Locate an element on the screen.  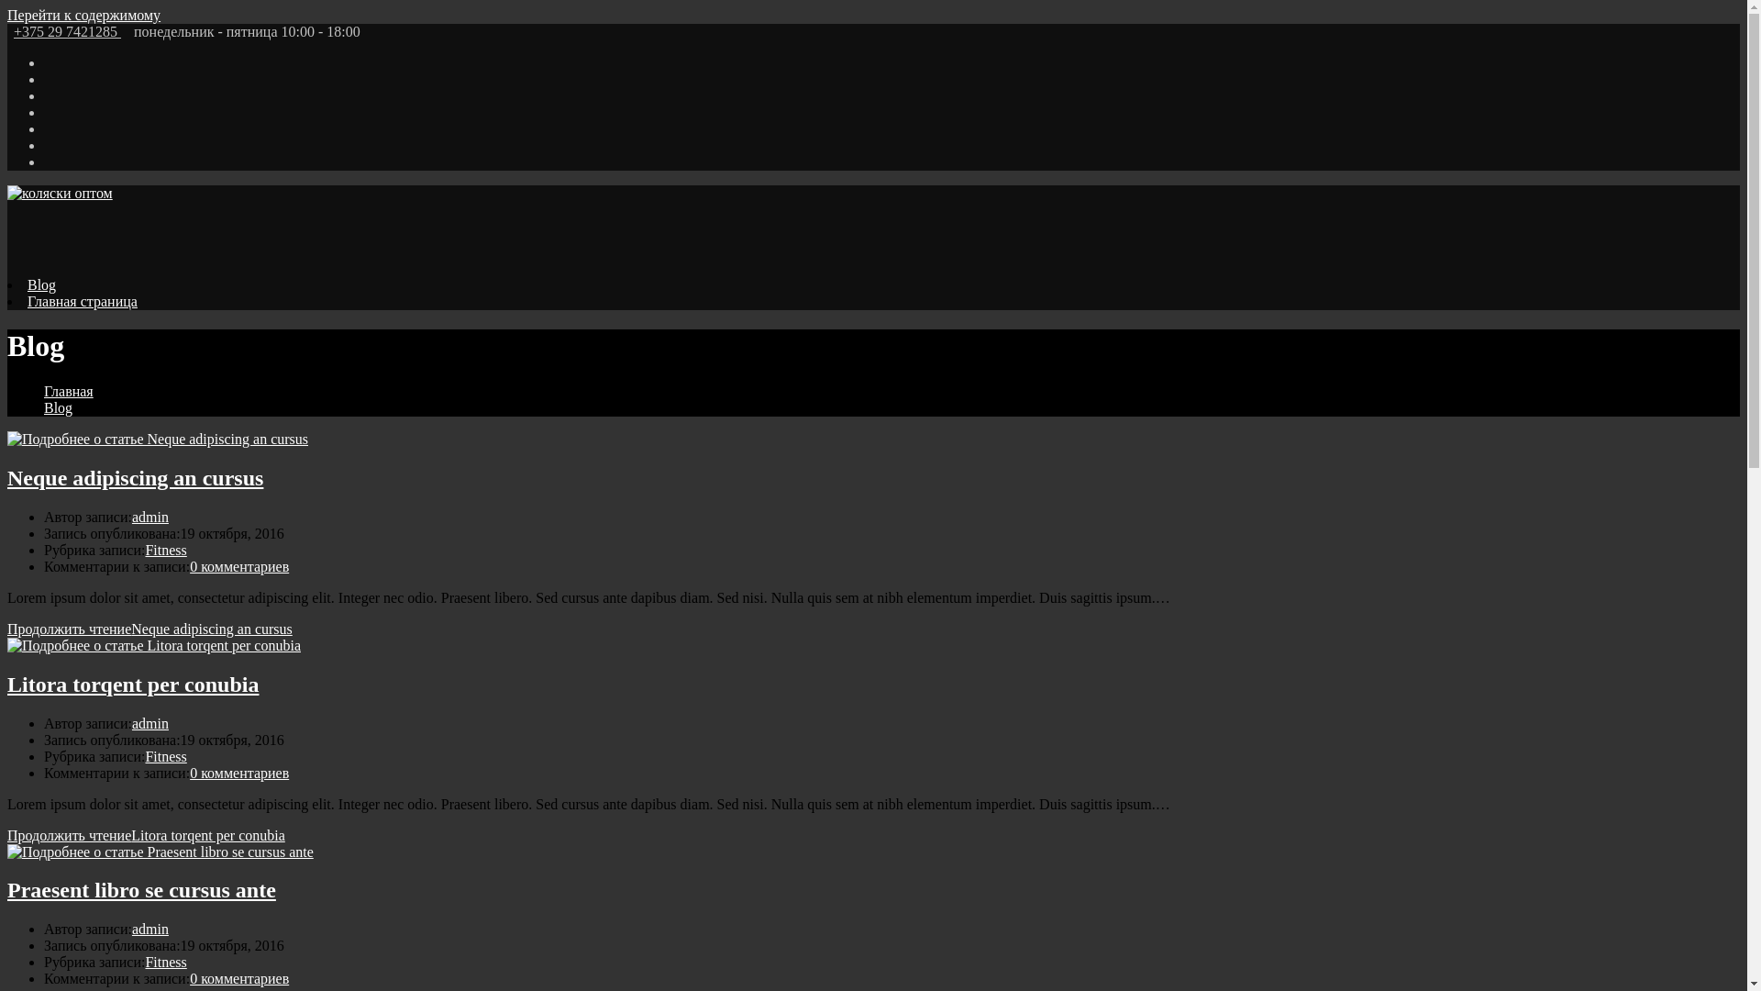
'admin' is located at coordinates (131, 517).